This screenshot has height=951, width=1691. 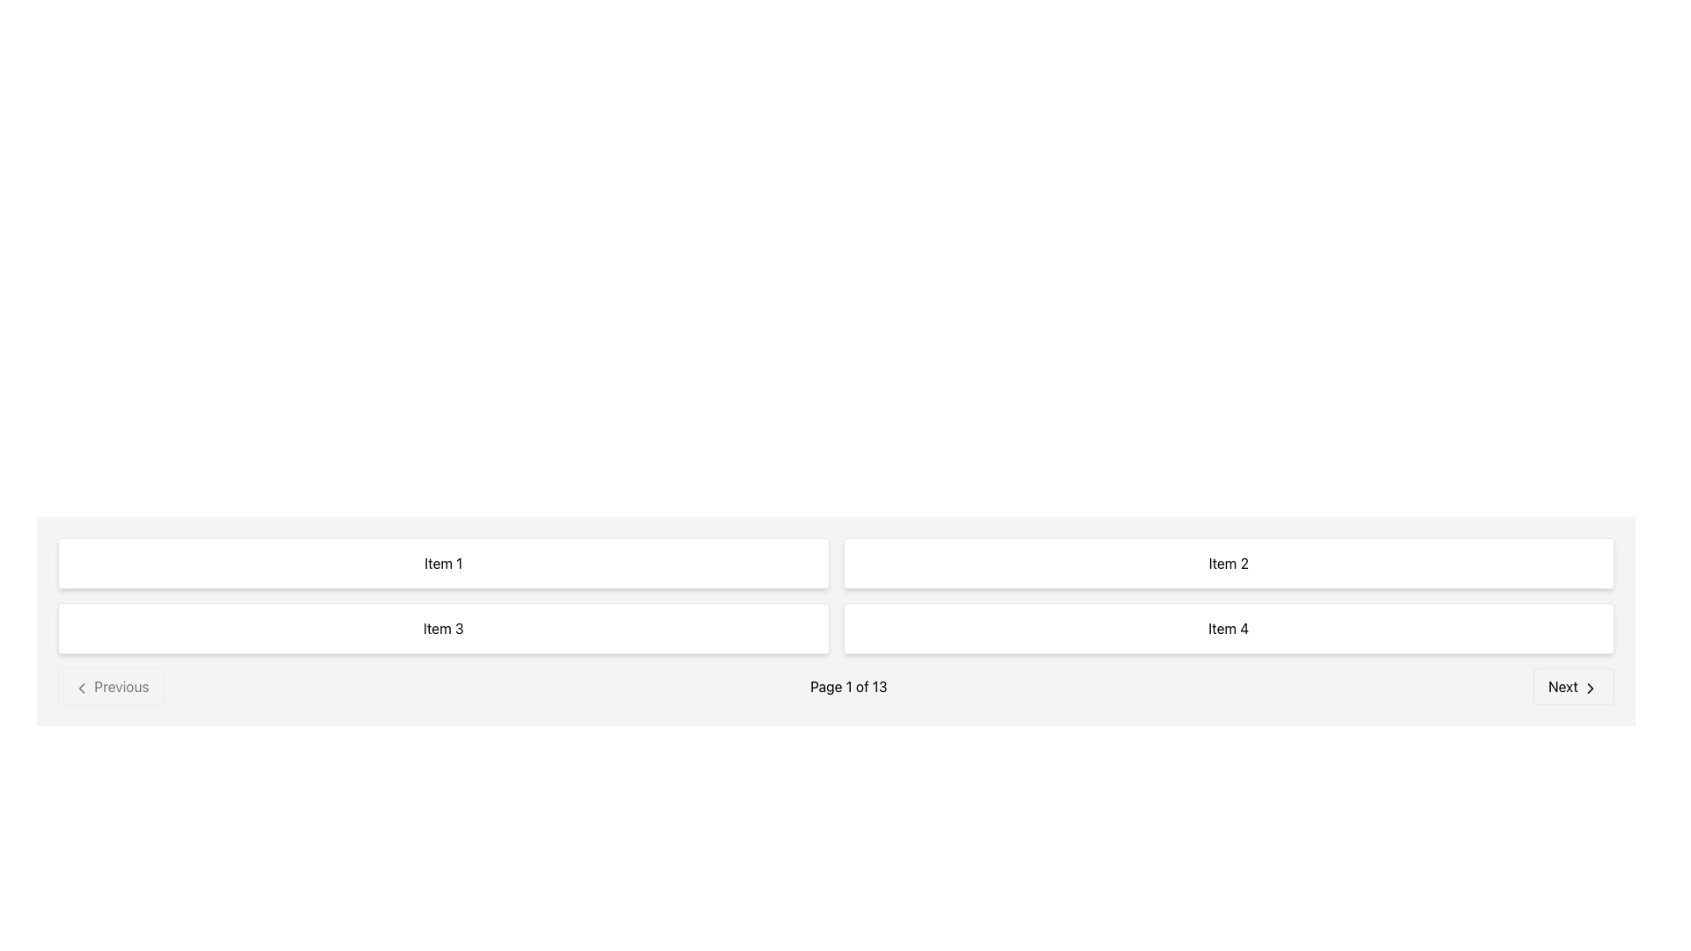 What do you see at coordinates (1590, 686) in the screenshot?
I see `the chevron icon located to the right of the 'Next' text on the 'Next' button in the bottom right corner of the interface to initiate navigation` at bounding box center [1590, 686].